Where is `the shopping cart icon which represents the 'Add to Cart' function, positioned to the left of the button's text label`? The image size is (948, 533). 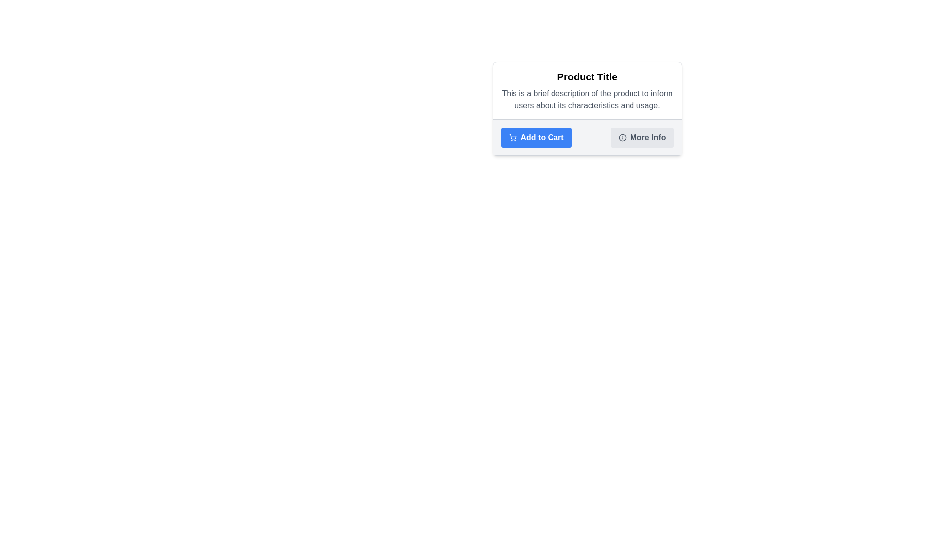
the shopping cart icon which represents the 'Add to Cart' function, positioned to the left of the button's text label is located at coordinates (513, 137).